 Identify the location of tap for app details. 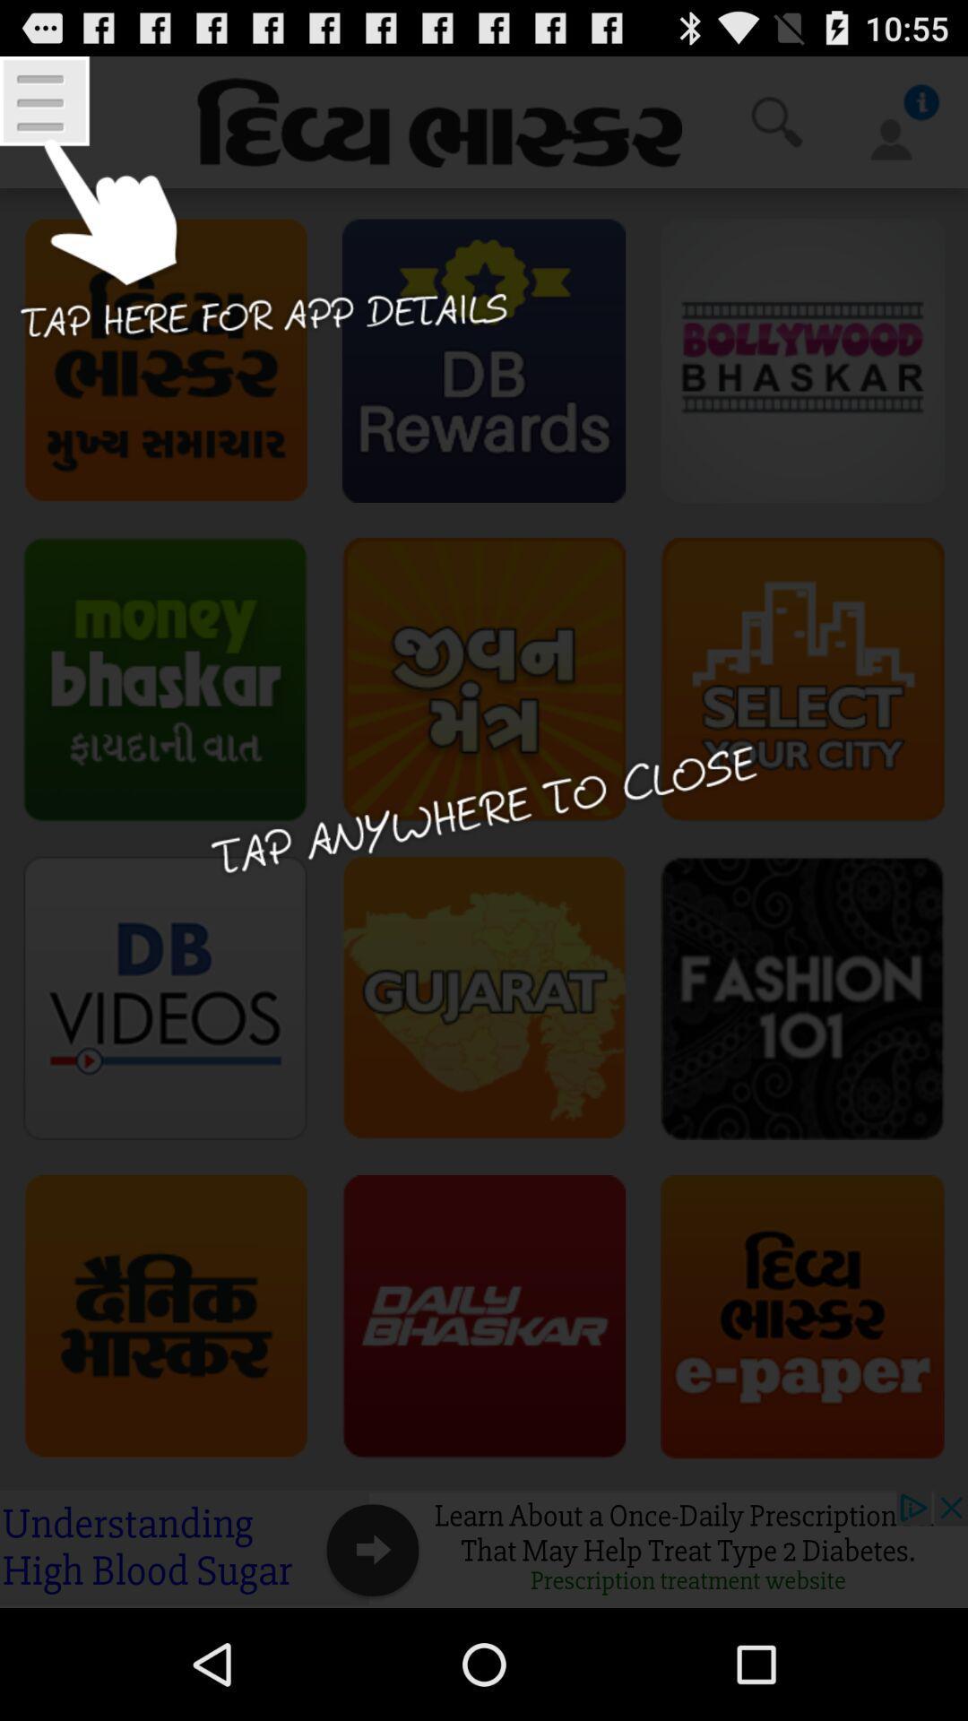
(256, 221).